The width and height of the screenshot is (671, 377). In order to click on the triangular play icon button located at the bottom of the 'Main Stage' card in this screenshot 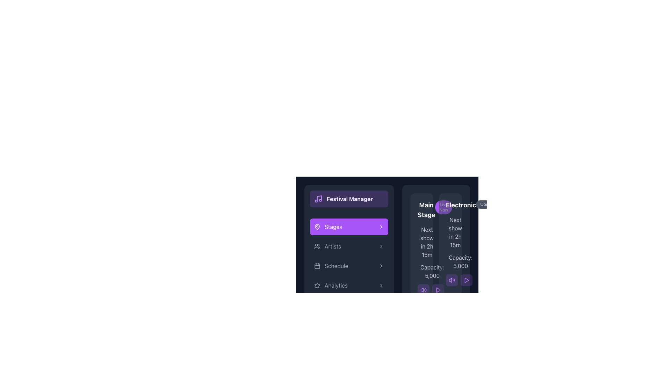, I will do `click(438, 290)`.